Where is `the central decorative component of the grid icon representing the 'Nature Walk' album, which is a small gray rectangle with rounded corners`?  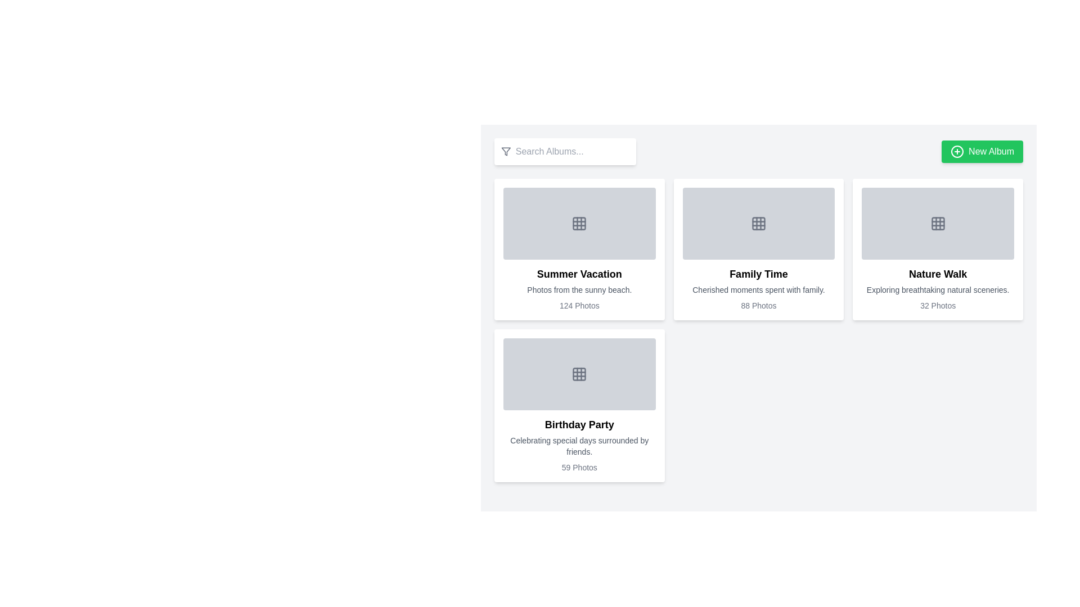 the central decorative component of the grid icon representing the 'Nature Walk' album, which is a small gray rectangle with rounded corners is located at coordinates (938, 223).